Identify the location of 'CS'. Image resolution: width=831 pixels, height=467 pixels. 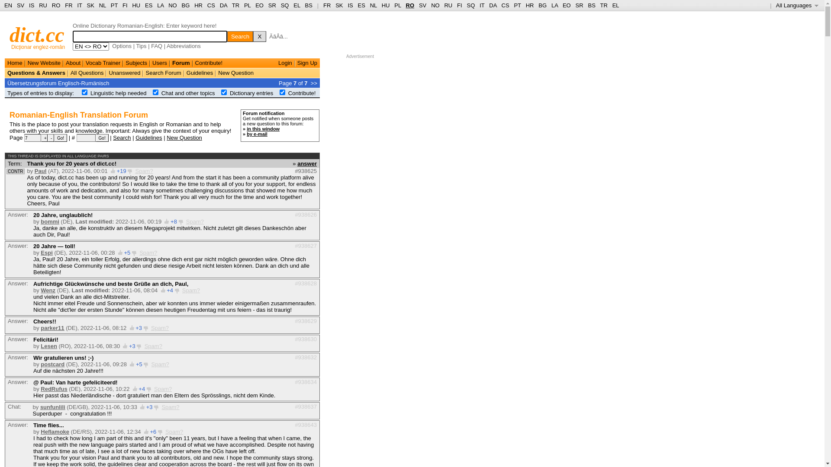
(211, 5).